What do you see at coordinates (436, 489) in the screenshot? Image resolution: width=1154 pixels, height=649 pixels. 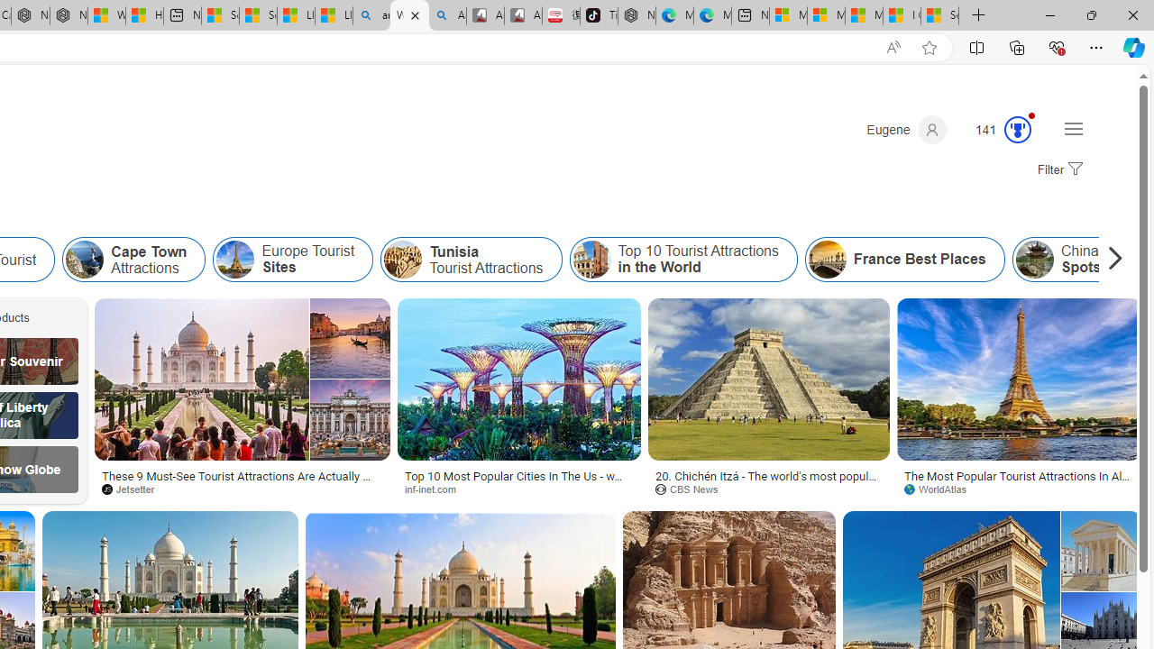 I see `'inf-inet.com'` at bounding box center [436, 489].